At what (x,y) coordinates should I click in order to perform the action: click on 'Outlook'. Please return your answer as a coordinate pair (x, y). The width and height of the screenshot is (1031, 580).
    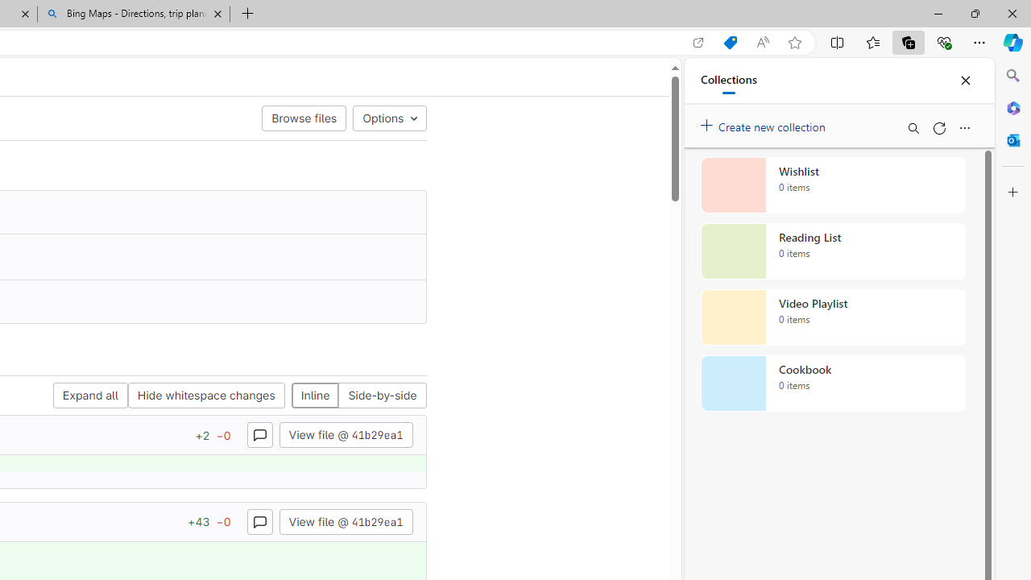
    Looking at the image, I should click on (1012, 139).